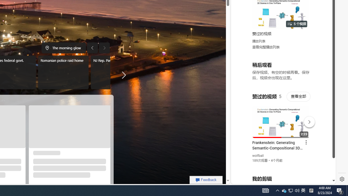  I want to click on 'Previous image', so click(92, 48).